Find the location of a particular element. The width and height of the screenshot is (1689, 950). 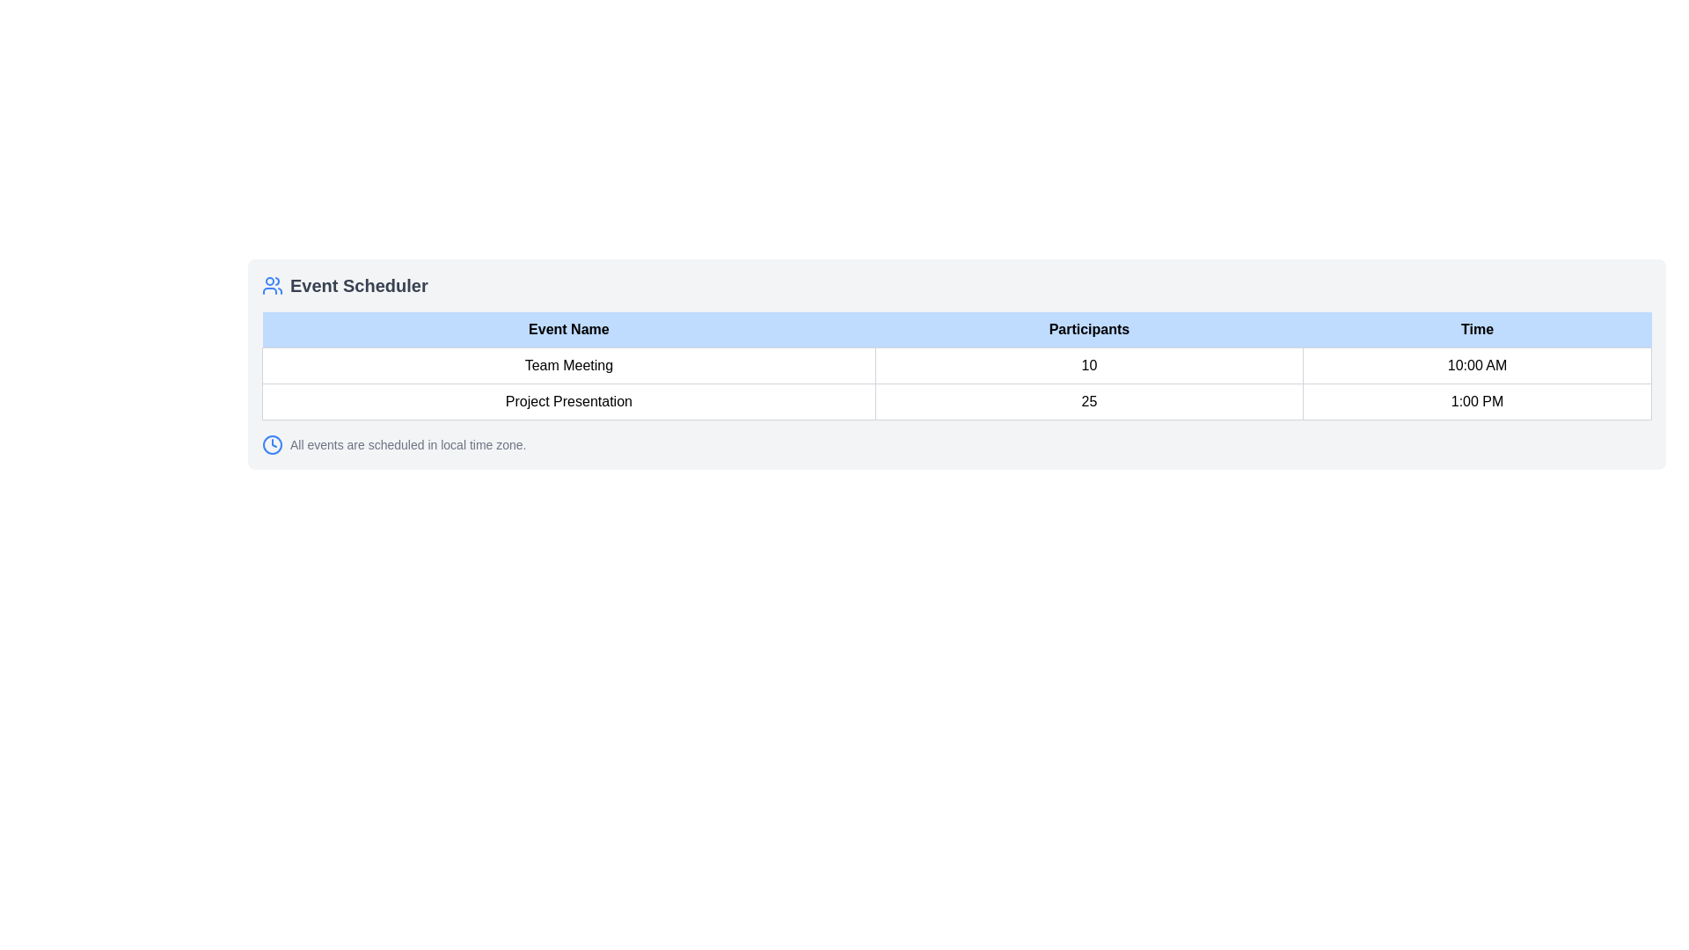

the table cell indicating the number of participants for the 'Team Meeting' event, located in the second column of the table row labeled 'Team Meeting' is located at coordinates (1088, 365).